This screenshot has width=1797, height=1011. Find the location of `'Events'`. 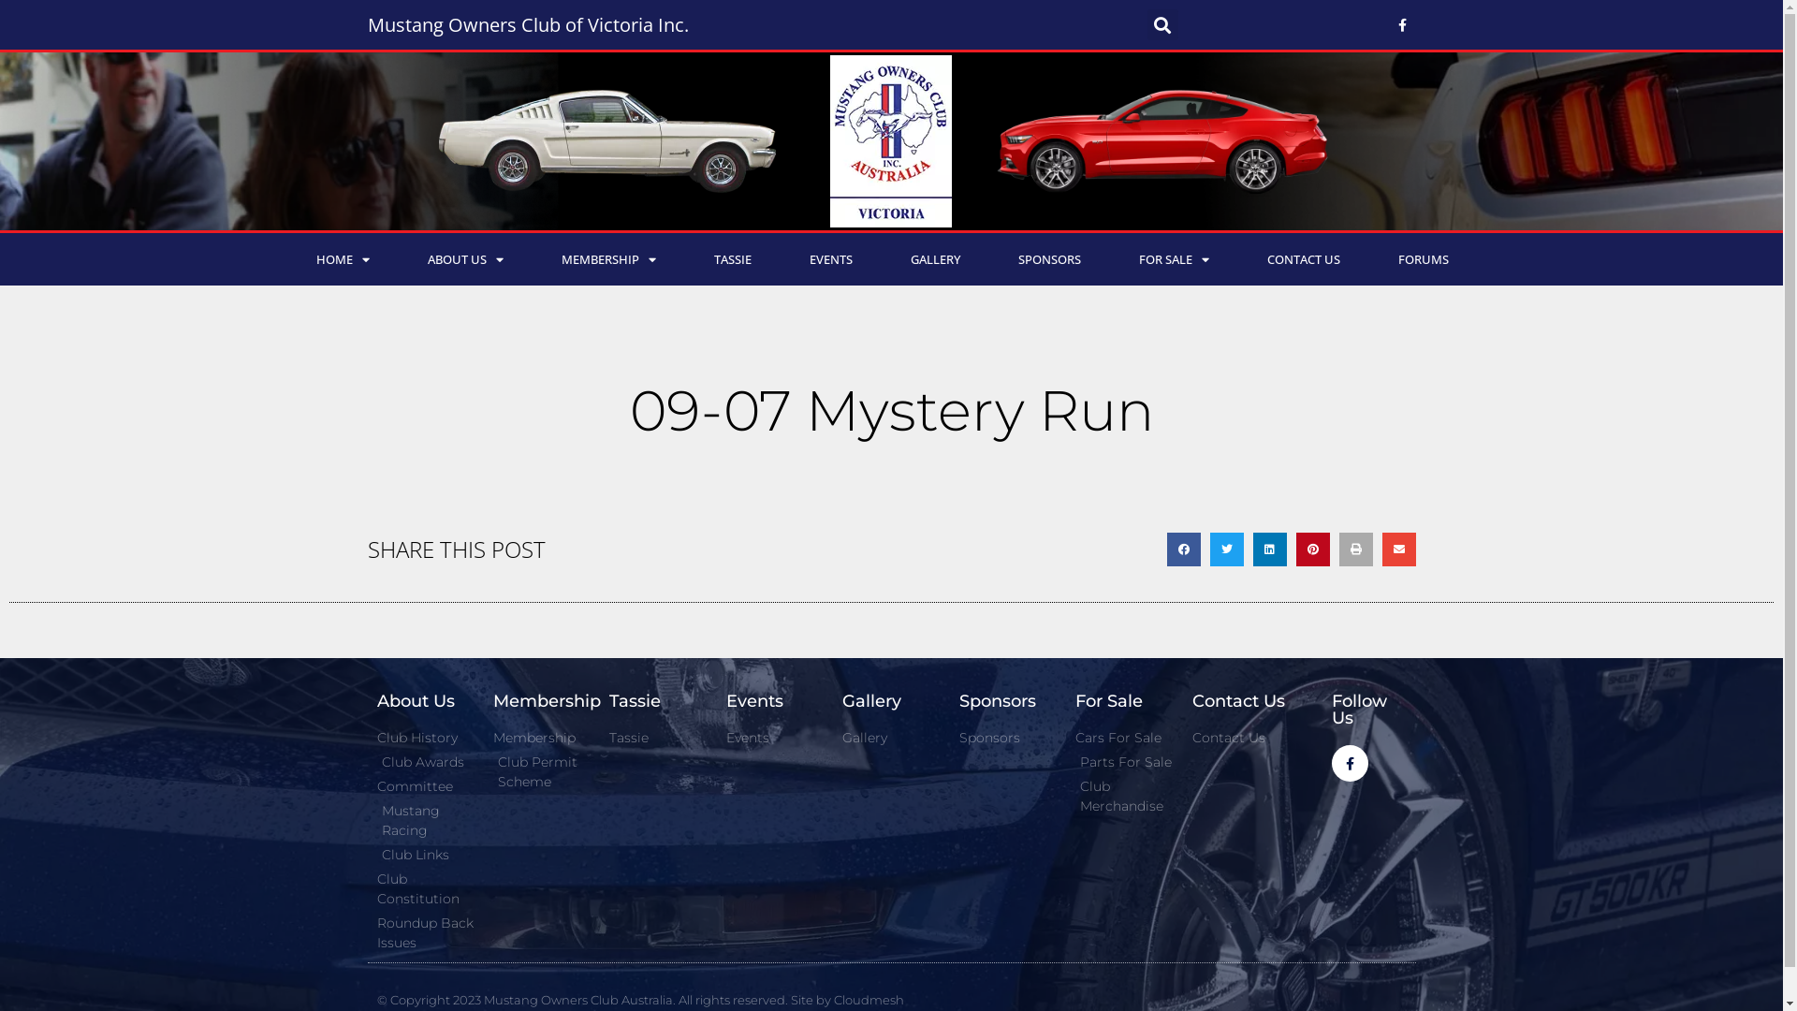

'Events' is located at coordinates (775, 737).